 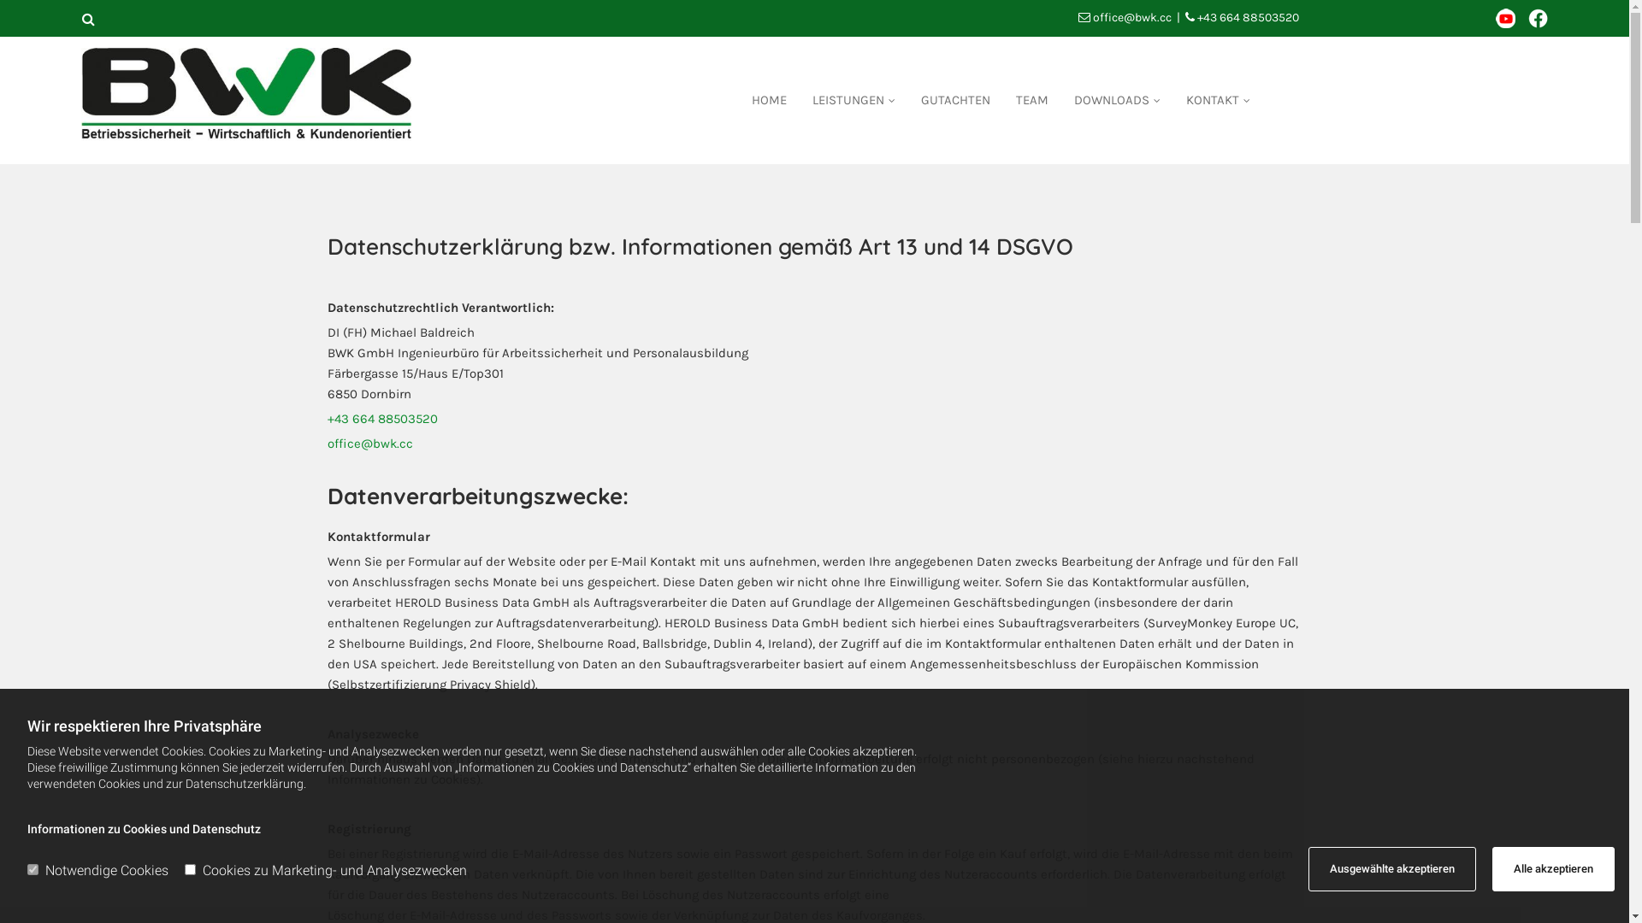 What do you see at coordinates (1031, 99) in the screenshot?
I see `'TEAM'` at bounding box center [1031, 99].